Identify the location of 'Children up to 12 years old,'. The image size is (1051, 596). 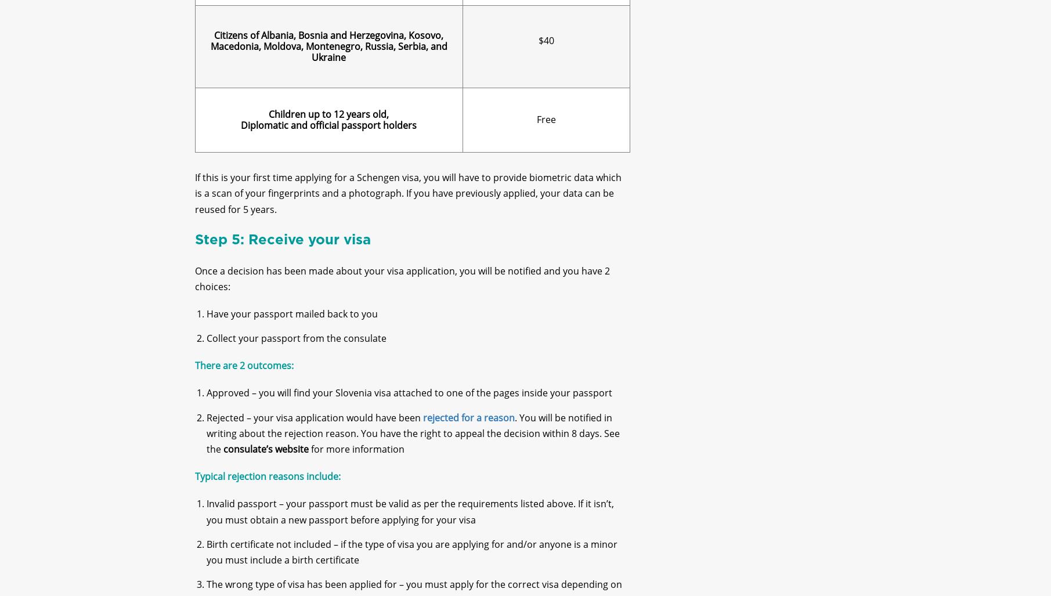
(328, 122).